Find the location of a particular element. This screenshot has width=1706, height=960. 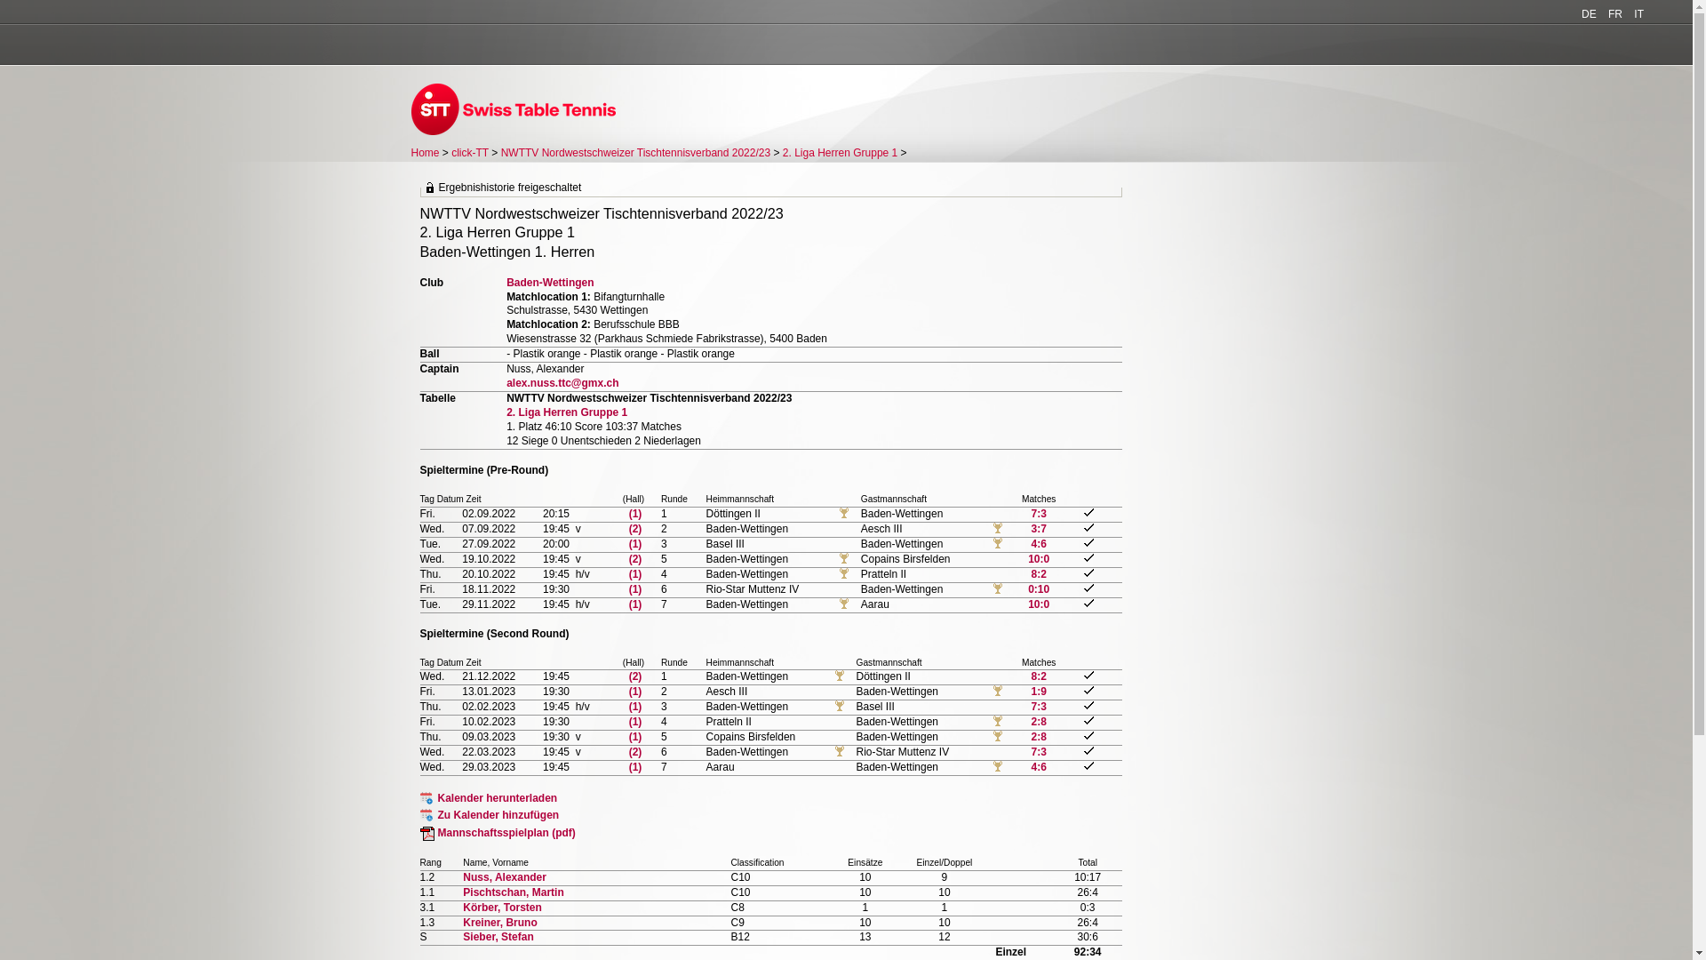

'Spielbericht genehmigt' is located at coordinates (1088, 764).